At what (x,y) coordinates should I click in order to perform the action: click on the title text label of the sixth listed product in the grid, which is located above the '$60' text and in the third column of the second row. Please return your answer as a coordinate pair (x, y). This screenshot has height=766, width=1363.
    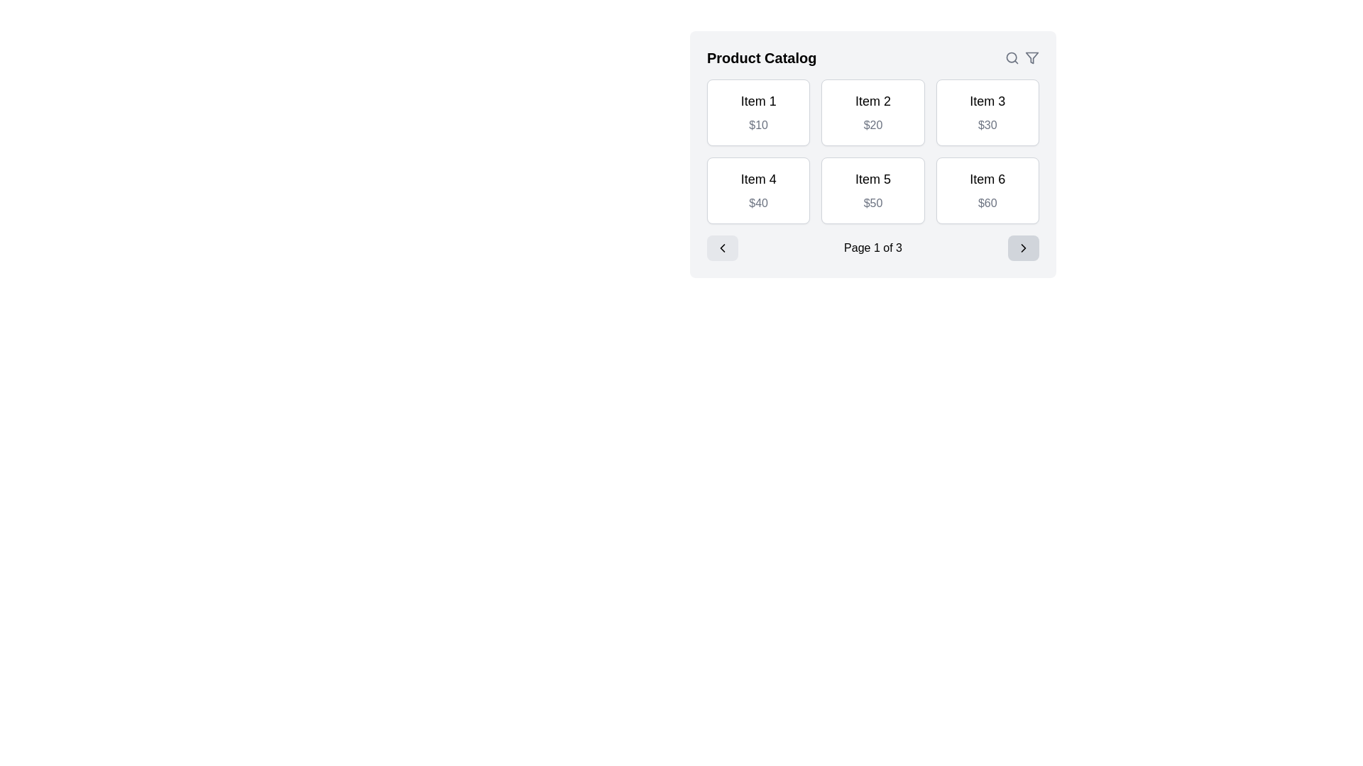
    Looking at the image, I should click on (987, 179).